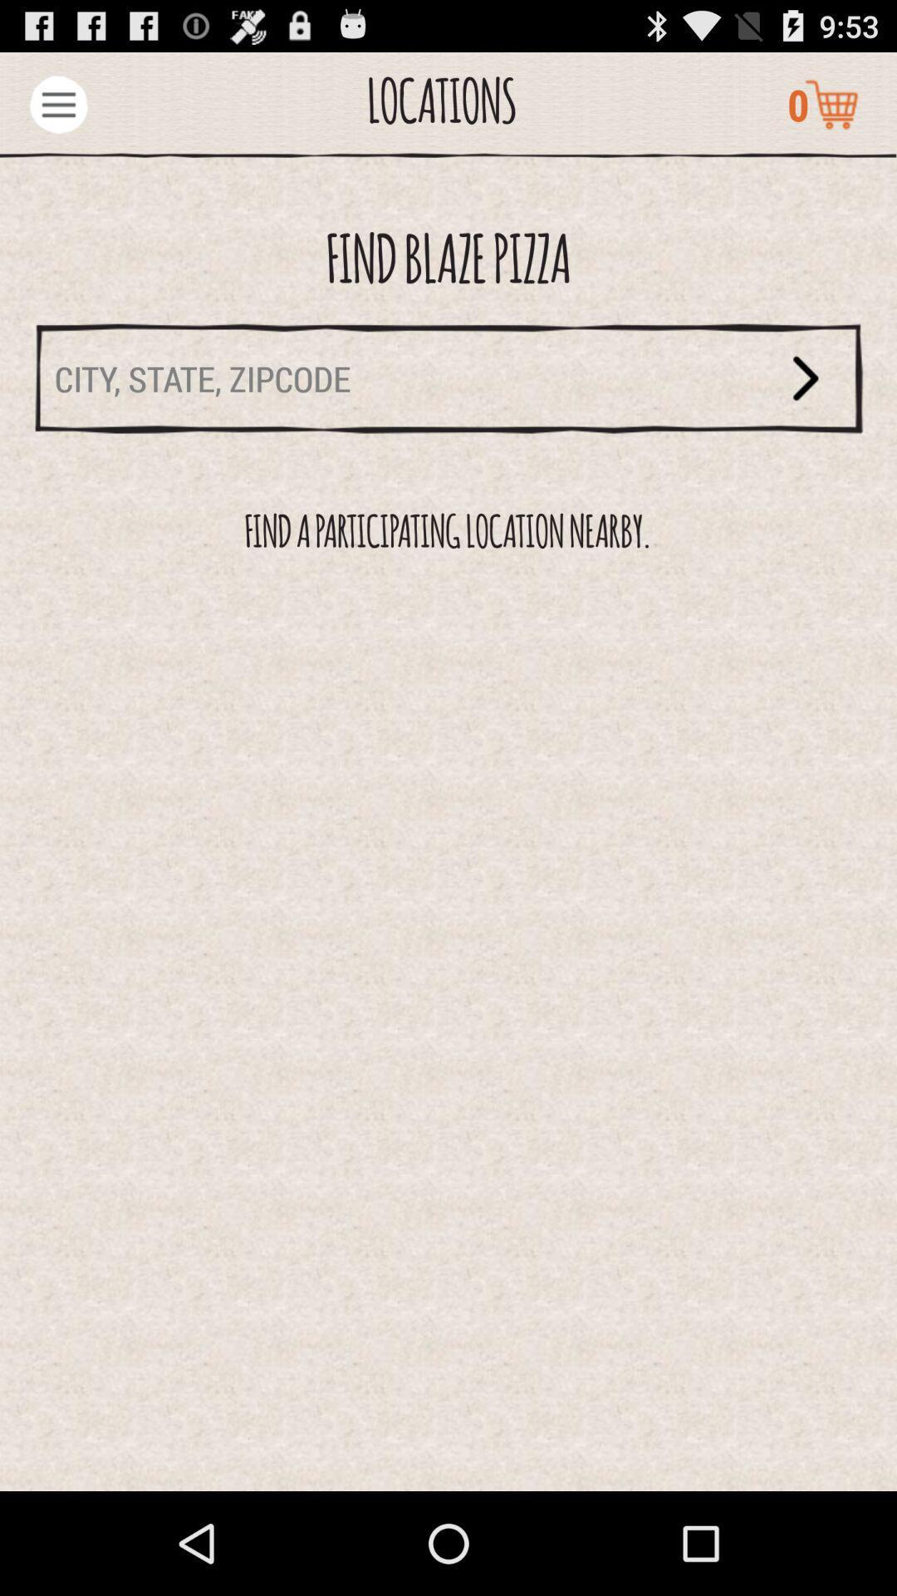 The image size is (897, 1596). What do you see at coordinates (57, 111) in the screenshot?
I see `the menu icon` at bounding box center [57, 111].